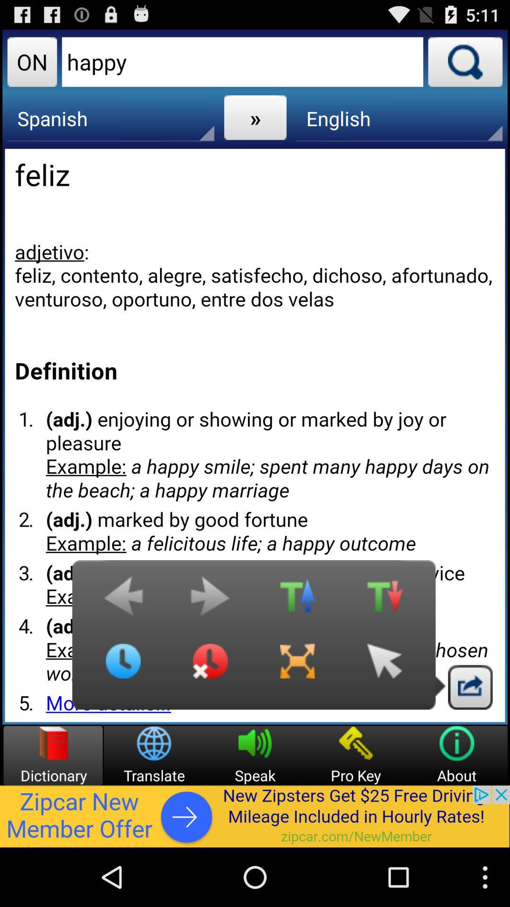 The width and height of the screenshot is (510, 907). Describe the element at coordinates (210, 600) in the screenshot. I see `next` at that location.